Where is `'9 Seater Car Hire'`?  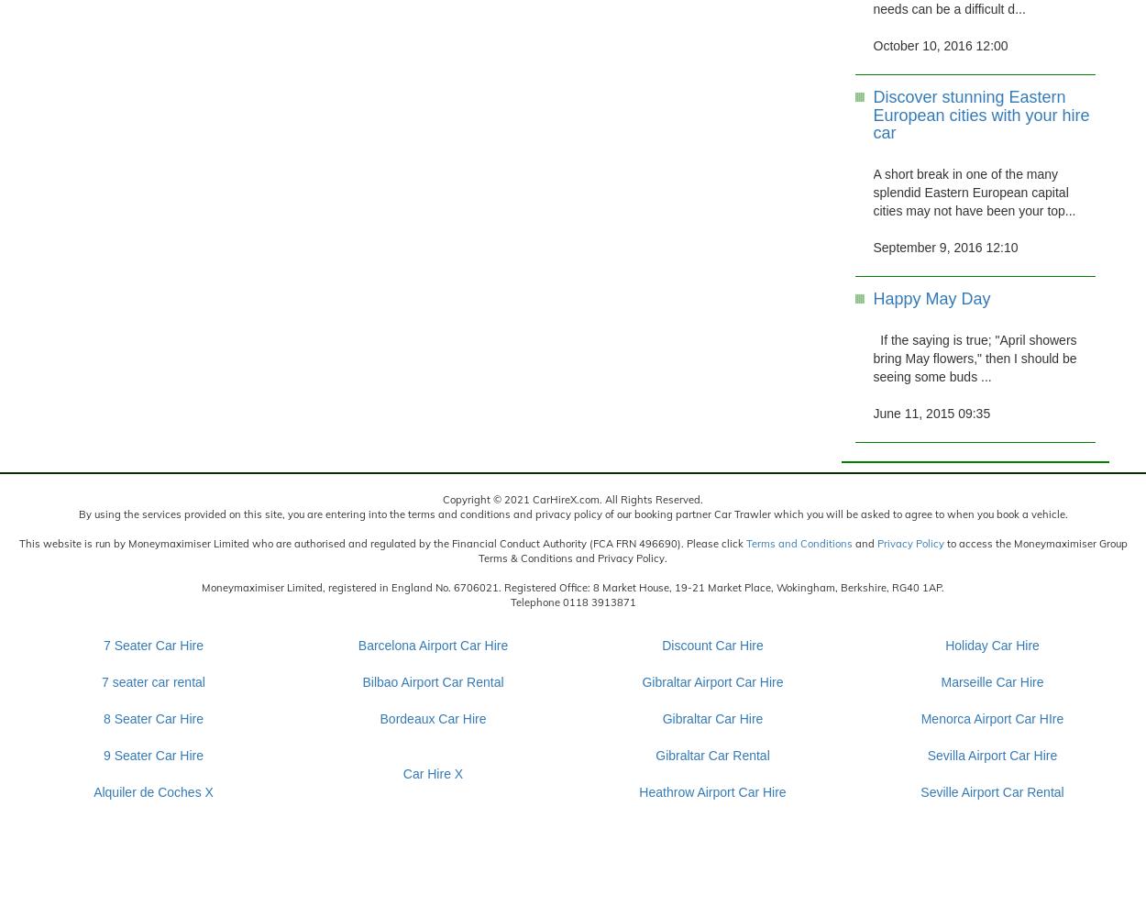
'9 Seater Car Hire' is located at coordinates (153, 754).